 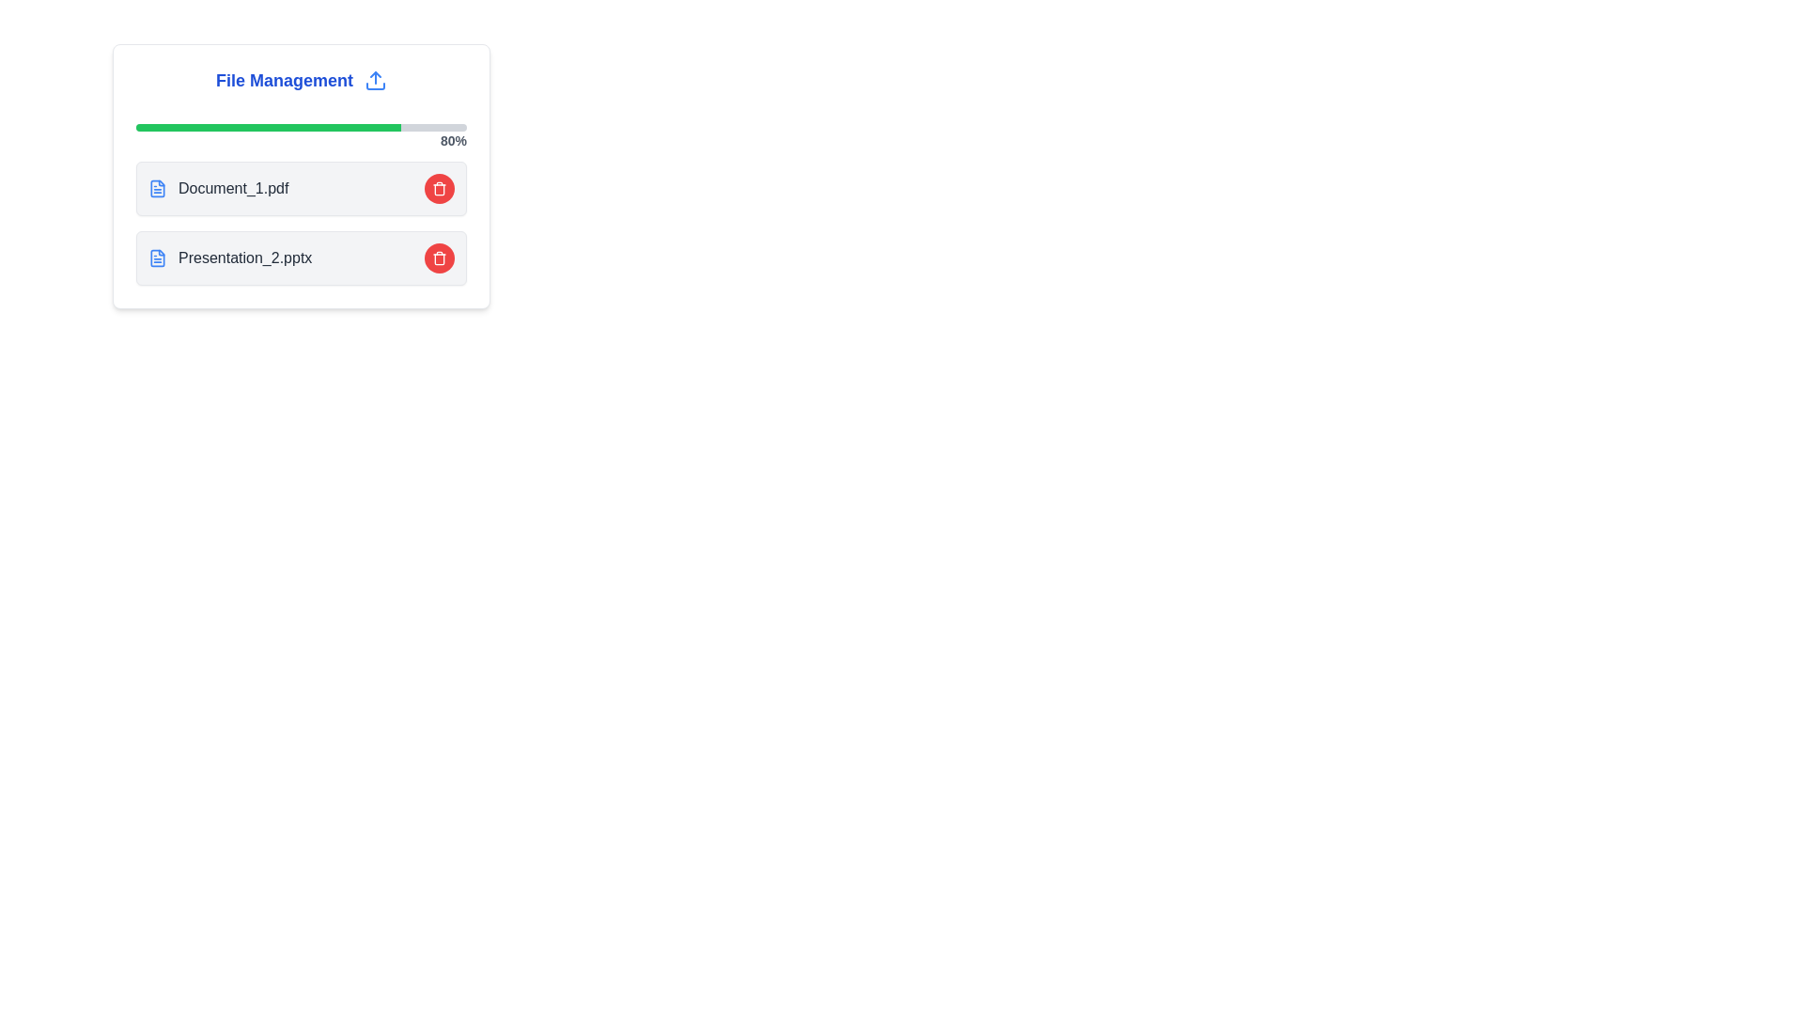 What do you see at coordinates (302, 79) in the screenshot?
I see `the 'File Management' text label with the upload icon` at bounding box center [302, 79].